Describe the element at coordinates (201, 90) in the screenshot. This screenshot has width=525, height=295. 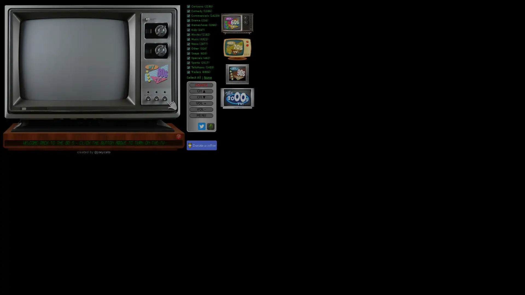
I see `CH` at that location.